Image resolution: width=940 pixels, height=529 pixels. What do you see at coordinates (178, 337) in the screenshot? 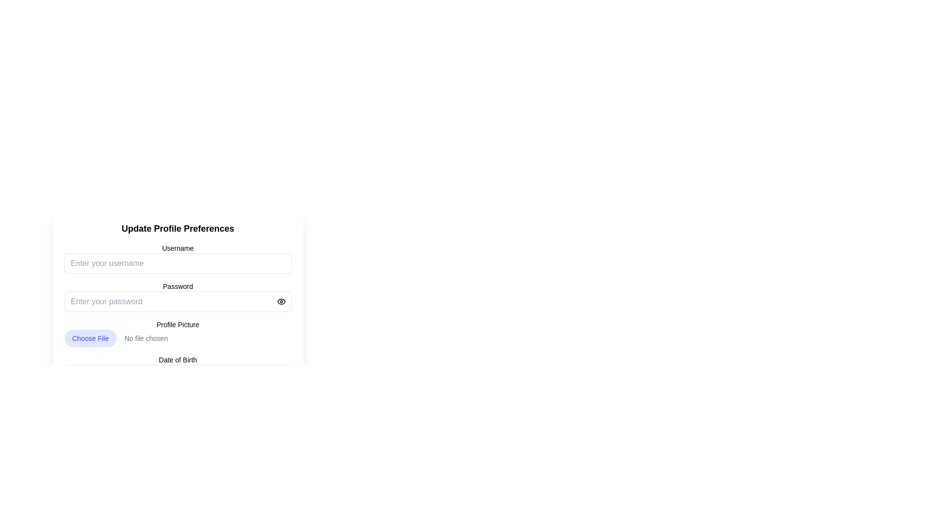
I see `the file upload input field for the Profile Picture, which is the only file input in the section` at bounding box center [178, 337].